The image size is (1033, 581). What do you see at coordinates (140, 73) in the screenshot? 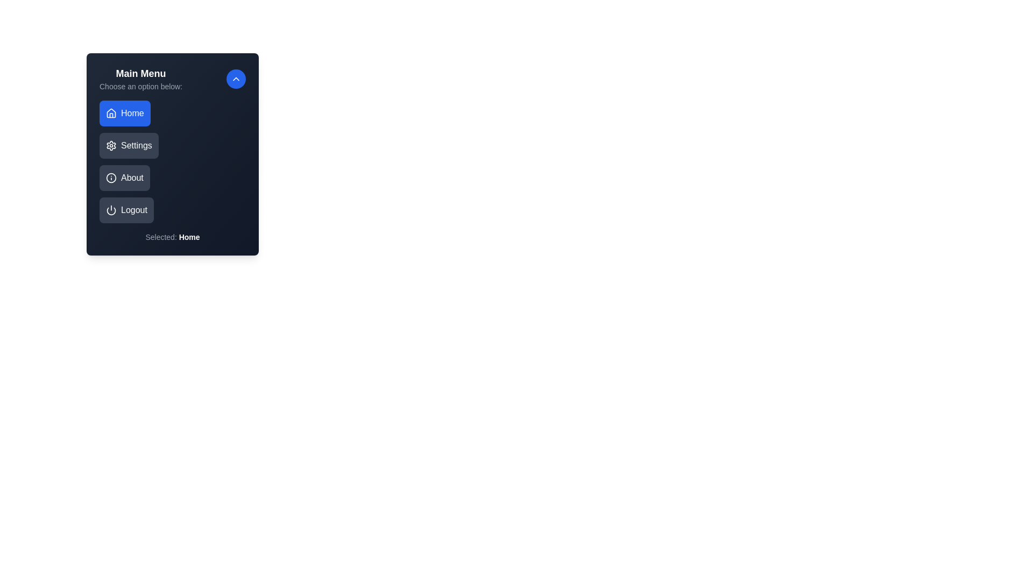
I see `text label that serves as the title for the dark-themed vertical menu, positioned above the subtitle 'Choose an option below:' and other menu options` at bounding box center [140, 73].